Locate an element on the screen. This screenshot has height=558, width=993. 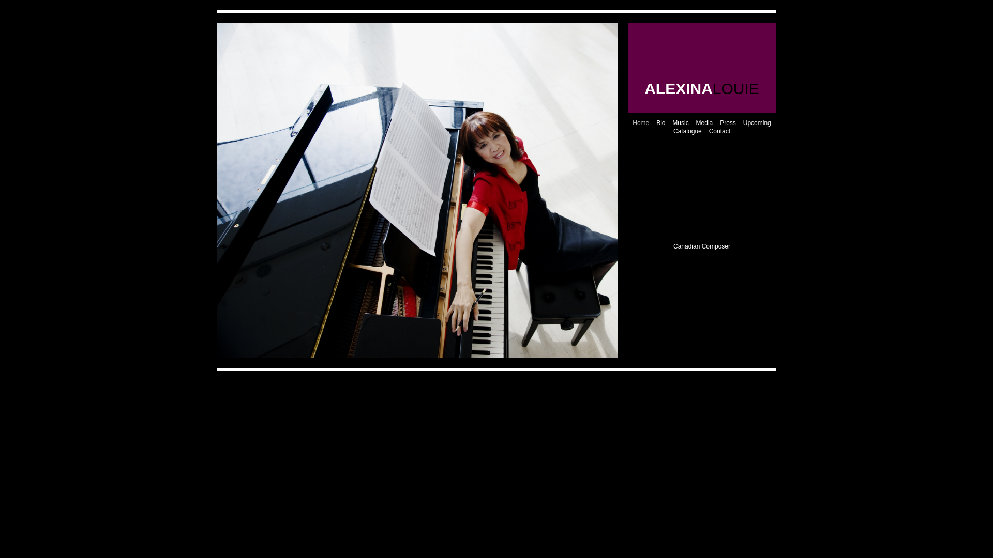
'Bio' is located at coordinates (660, 122).